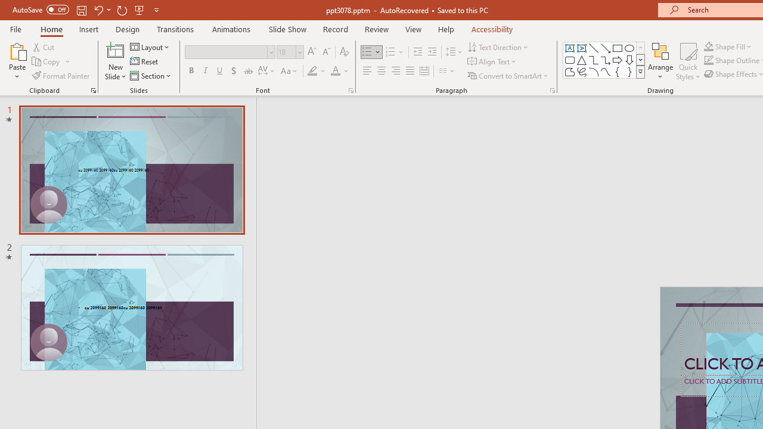 The width and height of the screenshot is (763, 429). I want to click on 'Connector: Elbow', so click(593, 60).